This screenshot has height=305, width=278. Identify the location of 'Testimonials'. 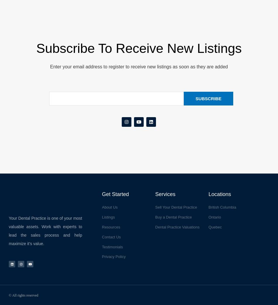
(112, 246).